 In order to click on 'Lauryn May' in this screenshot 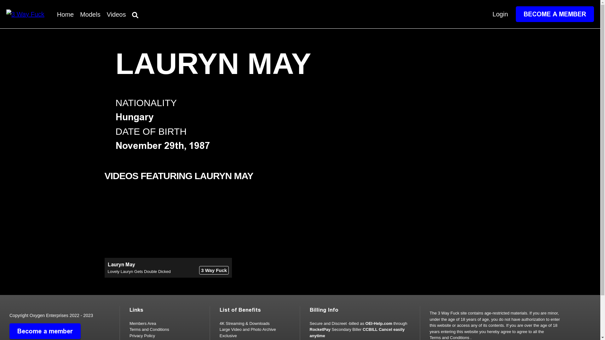, I will do `click(121, 264)`.